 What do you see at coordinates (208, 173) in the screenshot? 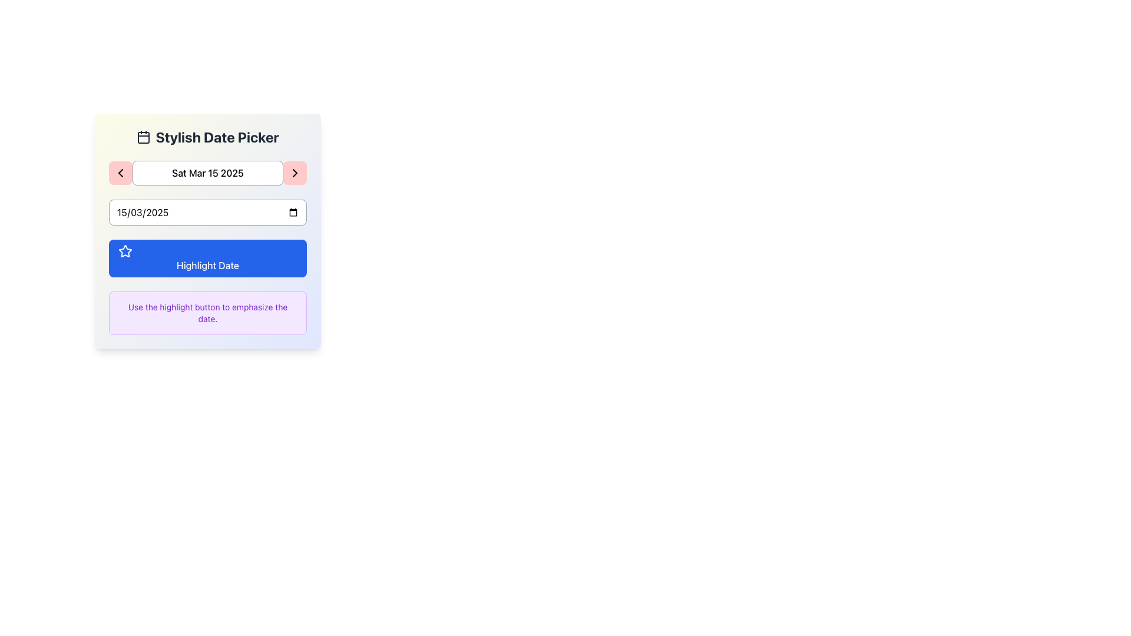
I see `the displayed date on the Informational Display showing 'Sat Mar 15 2025' in the Stylish Date Picker interface` at bounding box center [208, 173].